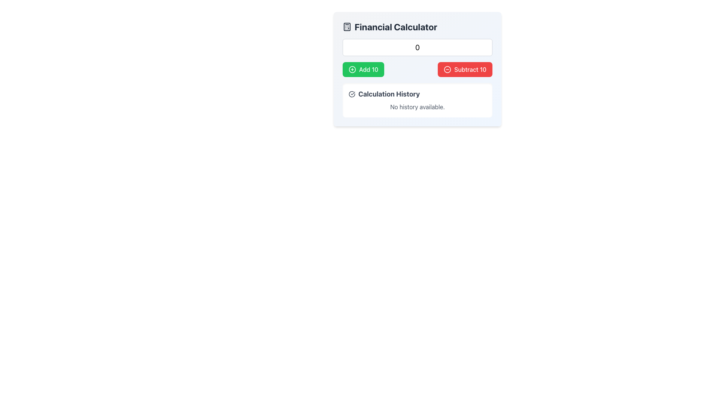 Image resolution: width=719 pixels, height=404 pixels. What do you see at coordinates (346, 27) in the screenshot?
I see `the icon representing the financial calculator functionality, located to the left of the text 'Financial Calculator'` at bounding box center [346, 27].